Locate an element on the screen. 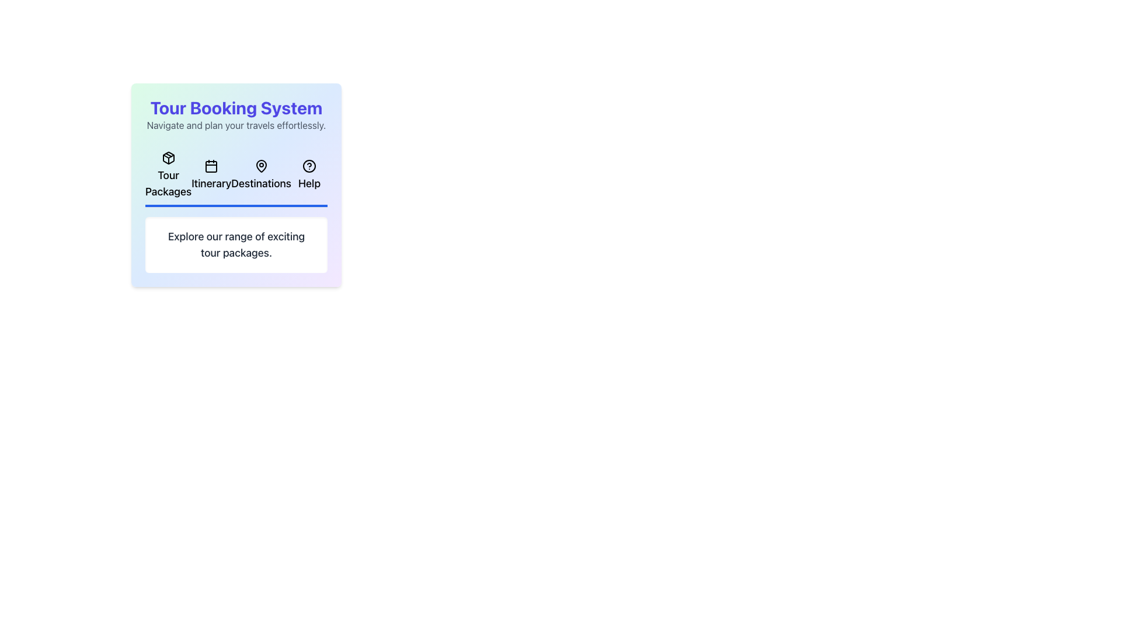 This screenshot has width=1121, height=630. the 'Destinations' tab in the Navigation bar is located at coordinates (260, 177).